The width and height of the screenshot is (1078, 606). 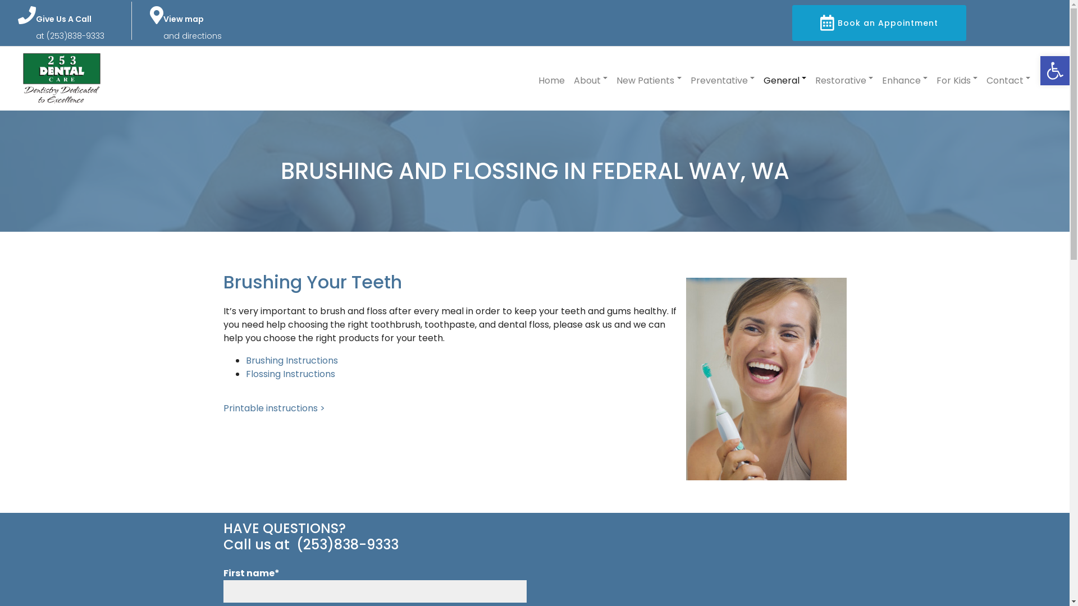 What do you see at coordinates (69, 27) in the screenshot?
I see `'Give Us A Call` at bounding box center [69, 27].